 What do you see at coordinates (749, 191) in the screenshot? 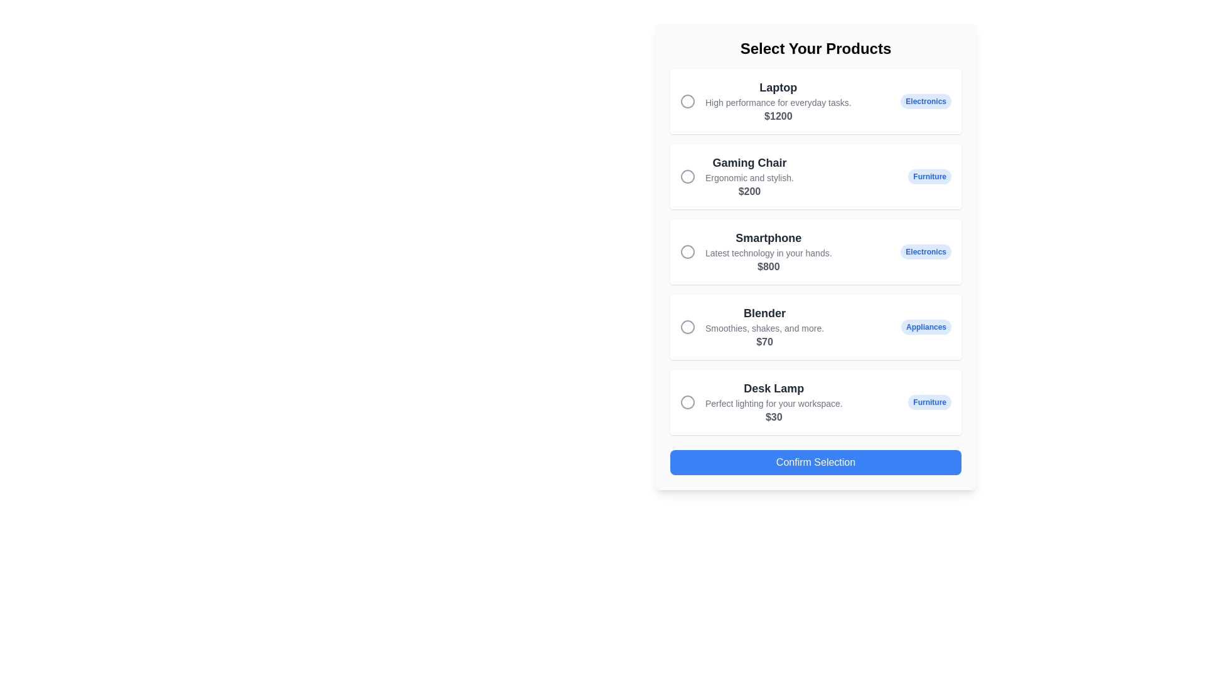
I see `price text label located below the description 'Ergonomic and stylish' in the product card for 'Gaming Chair'` at bounding box center [749, 191].